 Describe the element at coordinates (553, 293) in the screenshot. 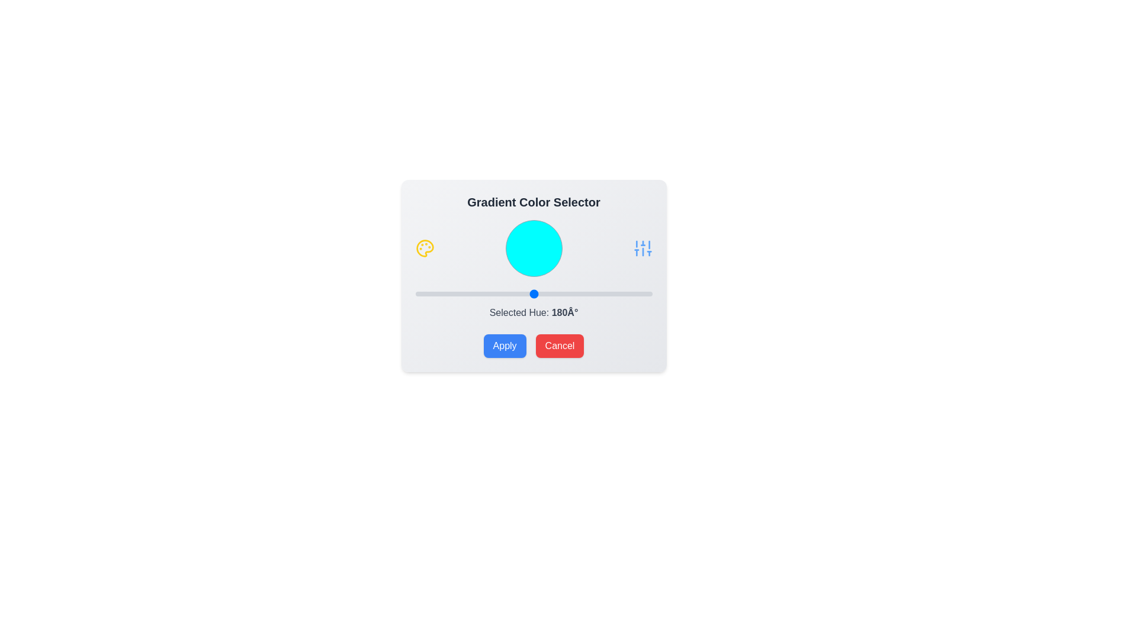

I see `the slider to set the hue value to 210°` at that location.